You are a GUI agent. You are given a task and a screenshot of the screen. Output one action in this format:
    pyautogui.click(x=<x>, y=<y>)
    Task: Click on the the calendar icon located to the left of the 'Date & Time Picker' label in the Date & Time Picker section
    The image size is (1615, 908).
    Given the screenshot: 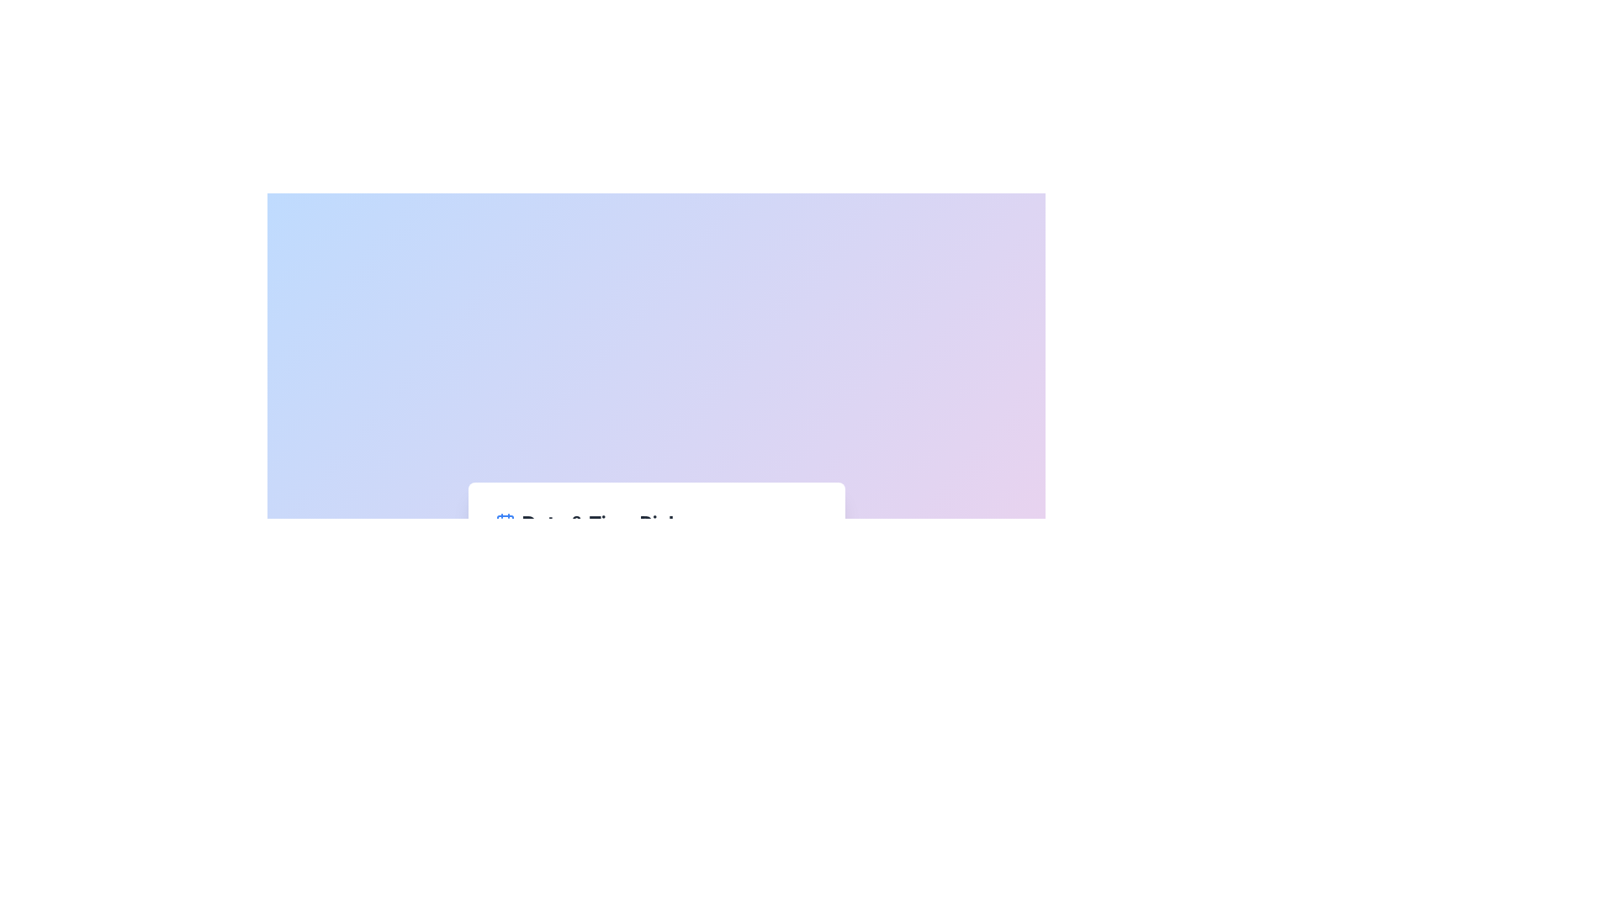 What is the action you would take?
    pyautogui.click(x=504, y=521)
    